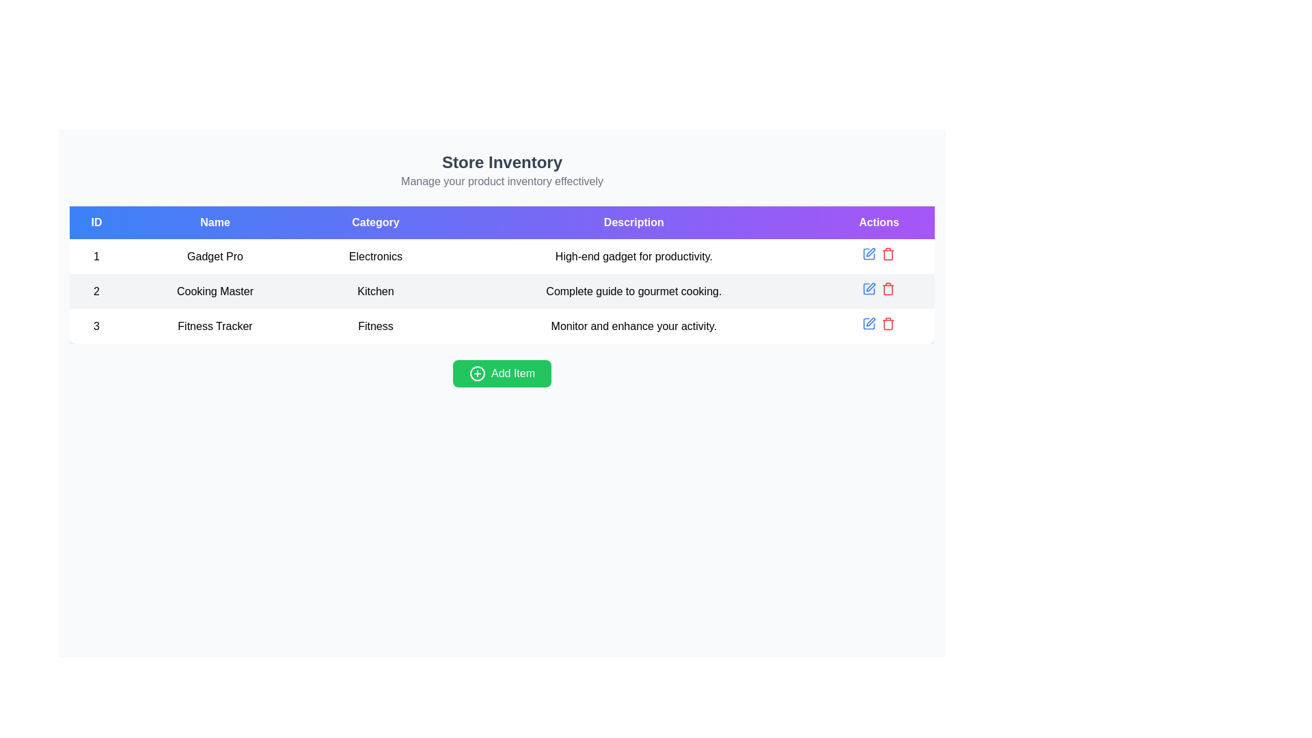 This screenshot has height=738, width=1312. I want to click on the static text display located in the fourth column of the table under the row for ID 1 and Name 'Gadget Pro.', so click(633, 256).